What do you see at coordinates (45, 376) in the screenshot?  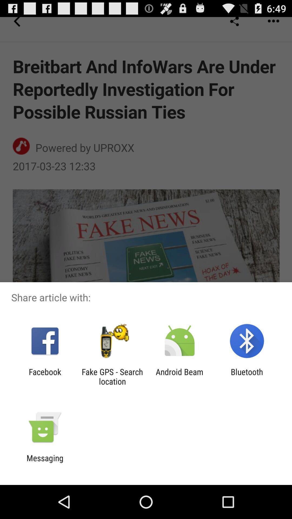 I see `the icon next to the fake gps search icon` at bounding box center [45, 376].